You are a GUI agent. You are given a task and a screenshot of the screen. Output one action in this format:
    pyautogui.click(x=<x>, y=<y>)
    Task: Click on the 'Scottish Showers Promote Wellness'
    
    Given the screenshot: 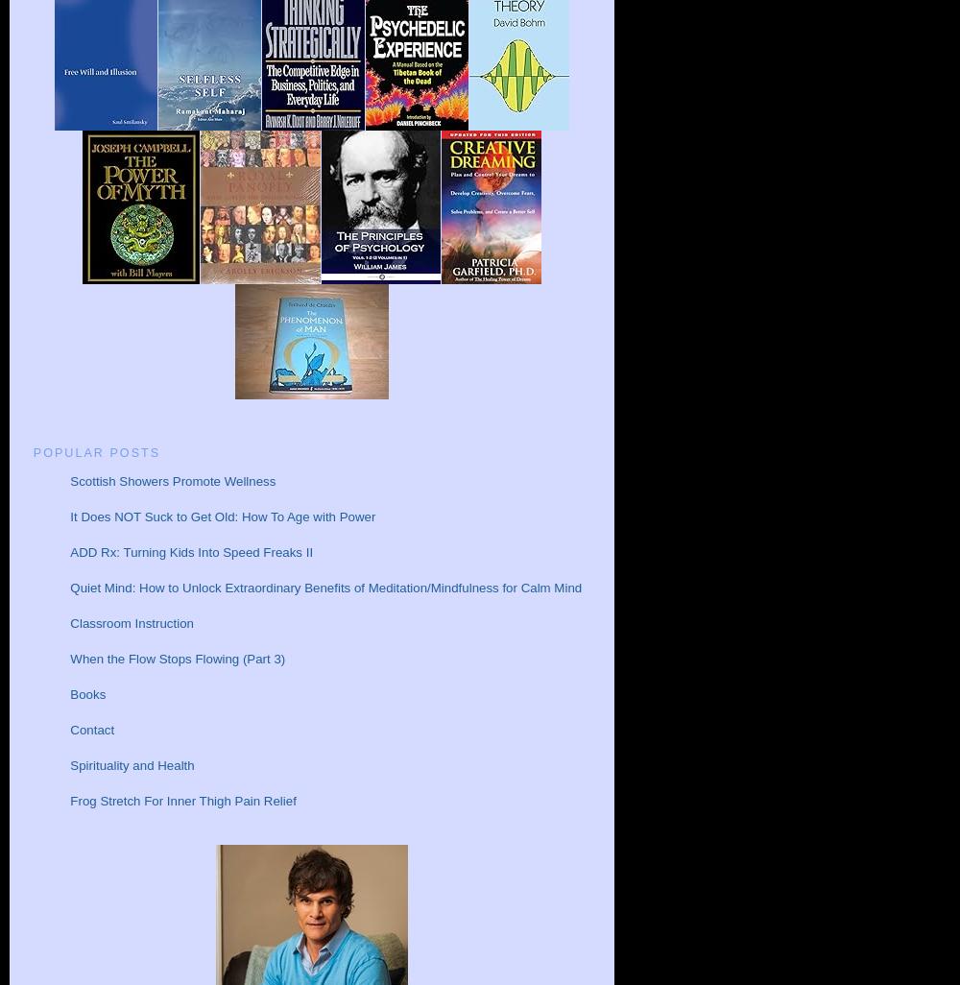 What is the action you would take?
    pyautogui.click(x=69, y=479)
    